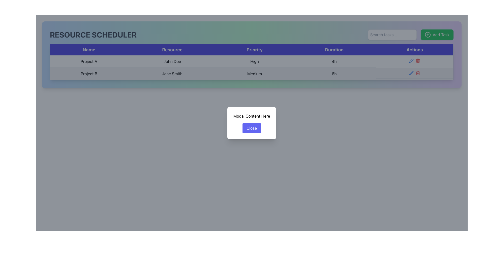 The width and height of the screenshot is (484, 272). Describe the element at coordinates (172, 50) in the screenshot. I see `the text label with large white text reading 'Resource', which is located in the second column of the header row in a table-like structure` at that location.